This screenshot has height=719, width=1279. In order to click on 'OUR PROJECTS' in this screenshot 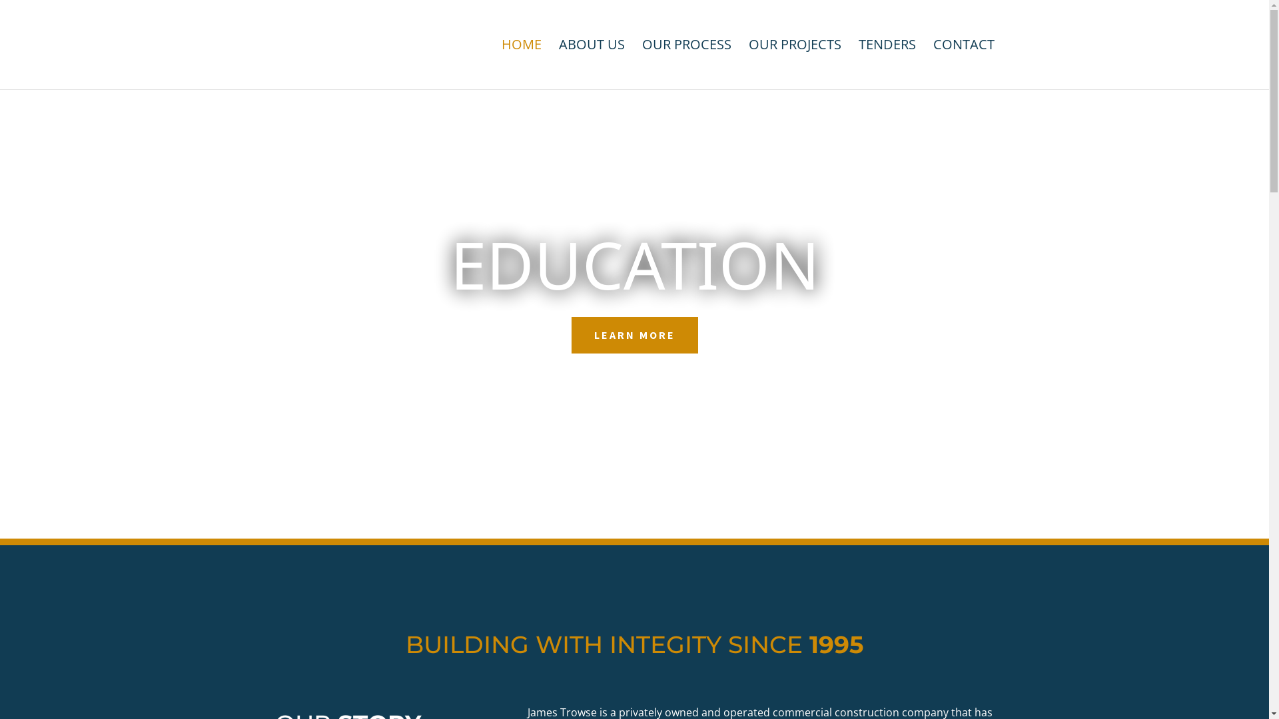, I will do `click(748, 64)`.